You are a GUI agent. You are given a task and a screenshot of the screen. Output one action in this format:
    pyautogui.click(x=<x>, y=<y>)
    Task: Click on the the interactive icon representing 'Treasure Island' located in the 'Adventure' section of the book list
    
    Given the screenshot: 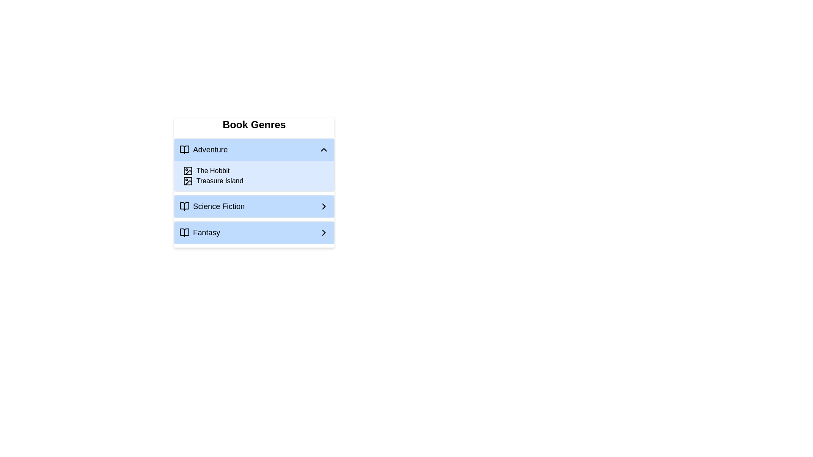 What is the action you would take?
    pyautogui.click(x=188, y=181)
    